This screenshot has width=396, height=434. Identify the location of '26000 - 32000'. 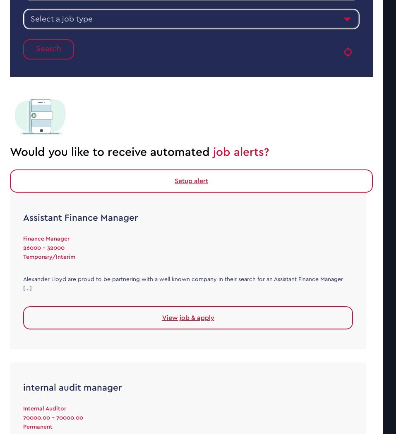
(44, 247).